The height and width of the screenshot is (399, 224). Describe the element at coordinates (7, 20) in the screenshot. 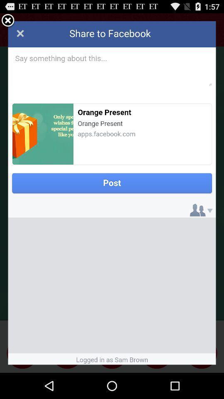

I see `frame` at that location.